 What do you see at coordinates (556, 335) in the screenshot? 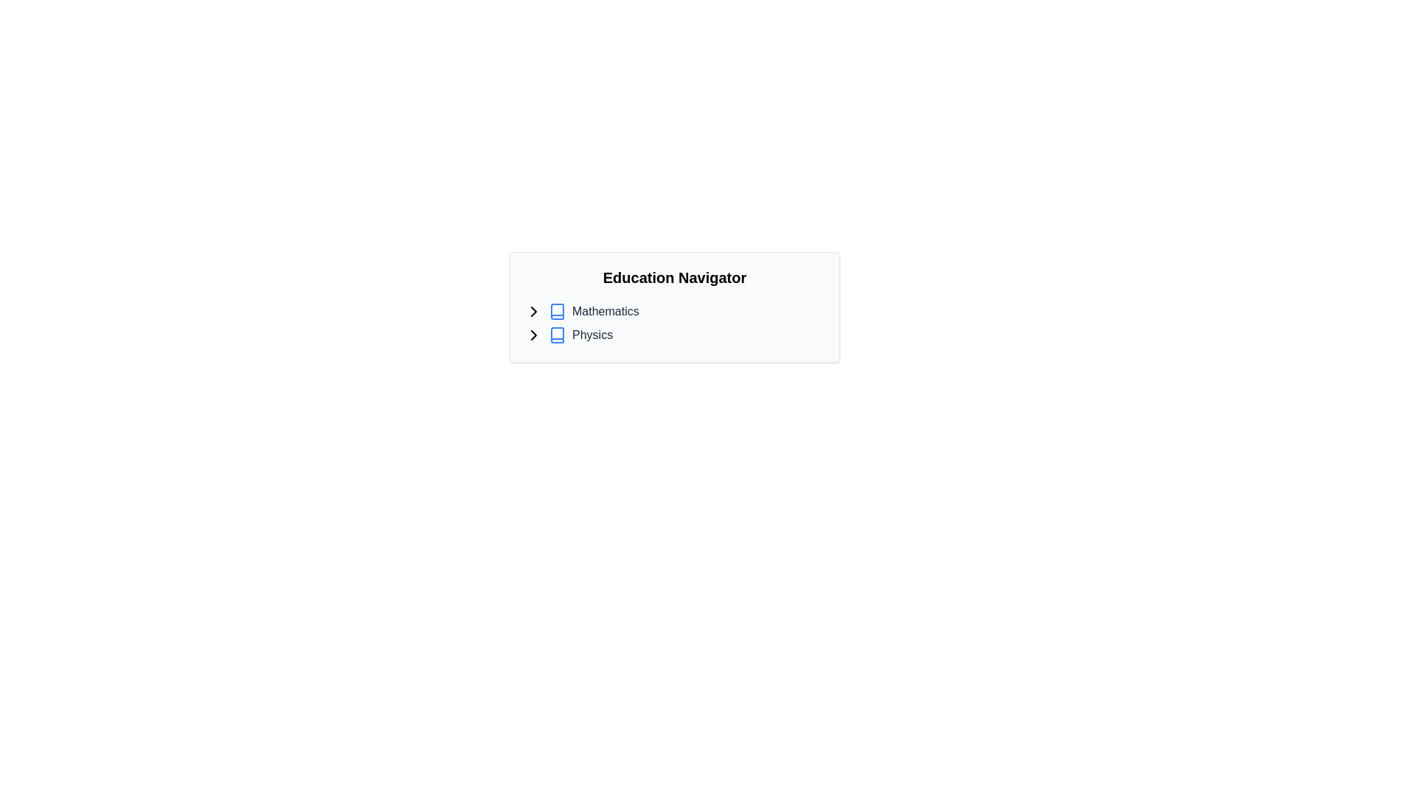
I see `the Physics category icon in the Education Navigator menu` at bounding box center [556, 335].